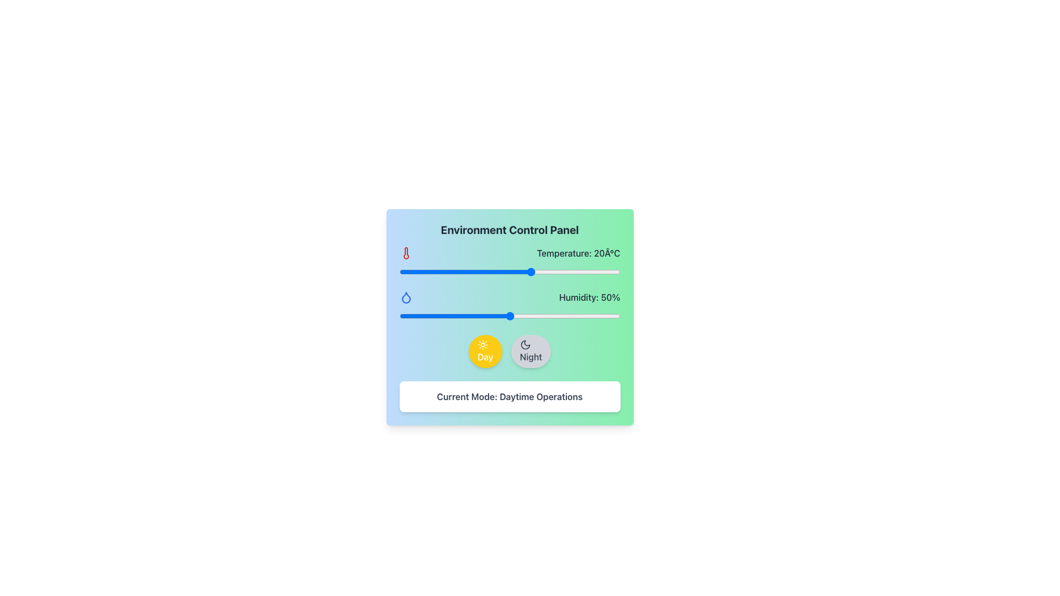  What do you see at coordinates (509, 272) in the screenshot?
I see `the temperature` at bounding box center [509, 272].